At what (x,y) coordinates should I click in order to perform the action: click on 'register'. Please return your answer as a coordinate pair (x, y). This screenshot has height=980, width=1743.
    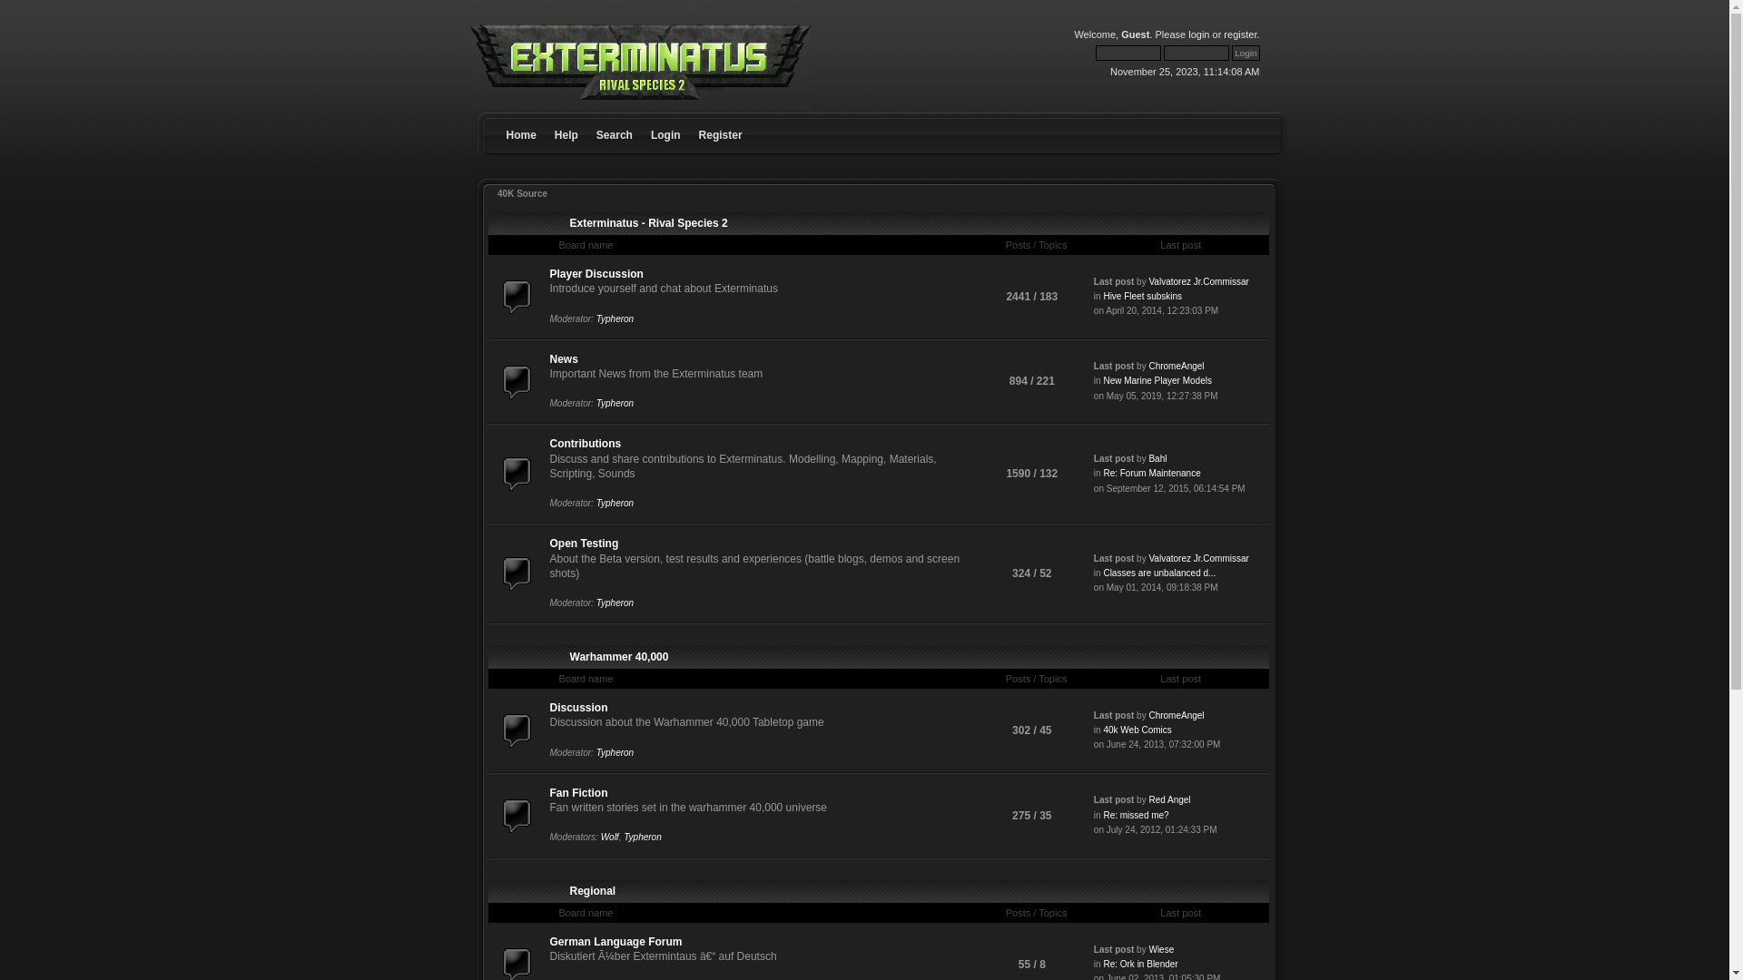
    Looking at the image, I should click on (1239, 34).